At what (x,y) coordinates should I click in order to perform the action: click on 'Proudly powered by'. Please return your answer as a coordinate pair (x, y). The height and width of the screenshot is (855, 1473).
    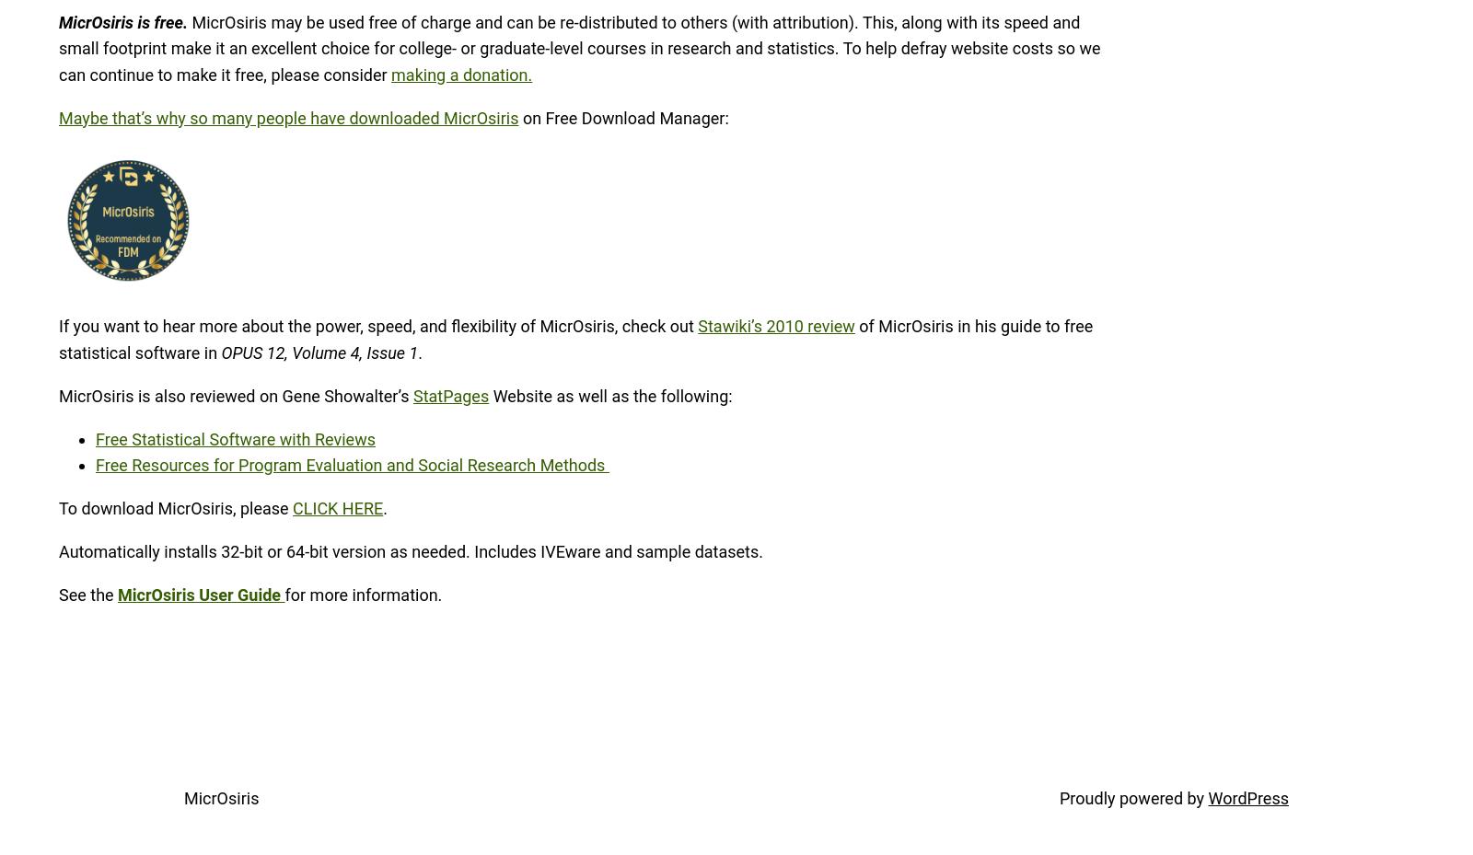
    Looking at the image, I should click on (1132, 797).